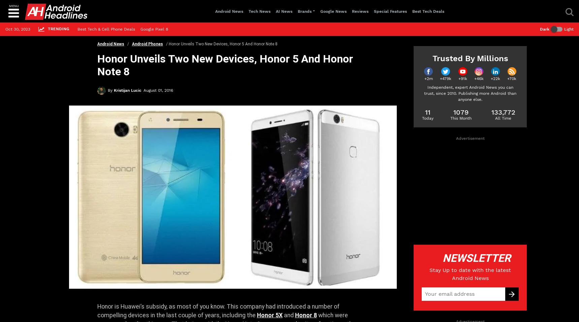 The width and height of the screenshot is (579, 322). What do you see at coordinates (475, 258) in the screenshot?
I see `'Newsletter'` at bounding box center [475, 258].